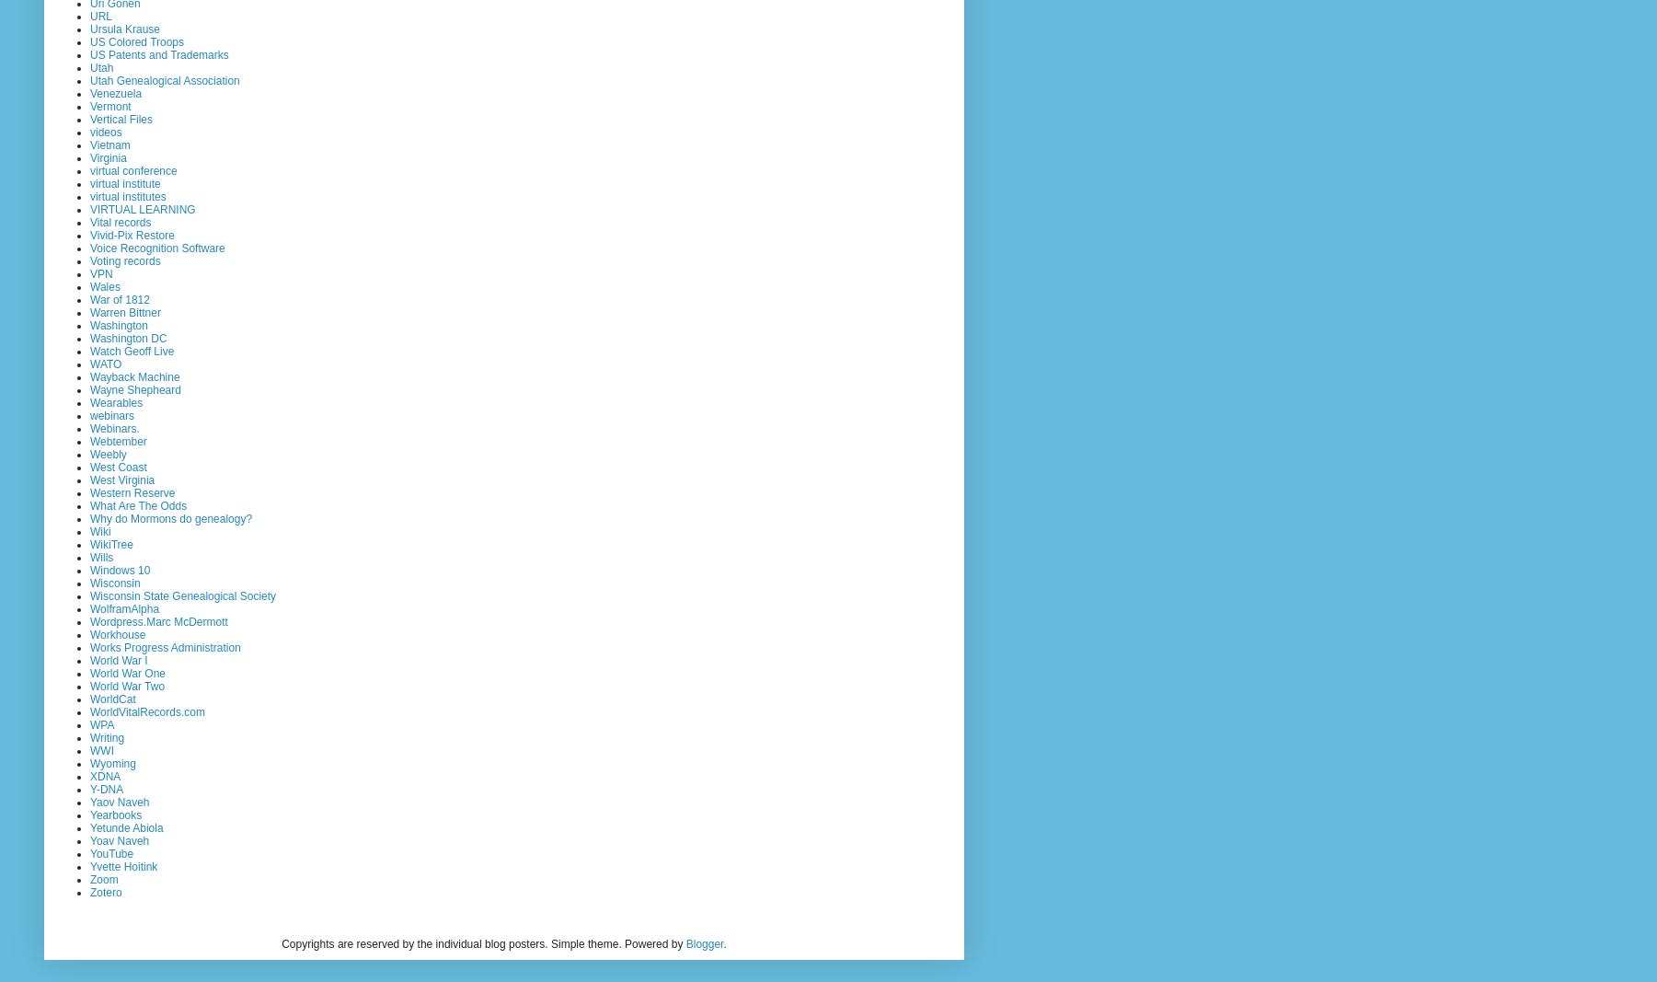 The image size is (1657, 982). I want to click on 'Utah', so click(101, 65).